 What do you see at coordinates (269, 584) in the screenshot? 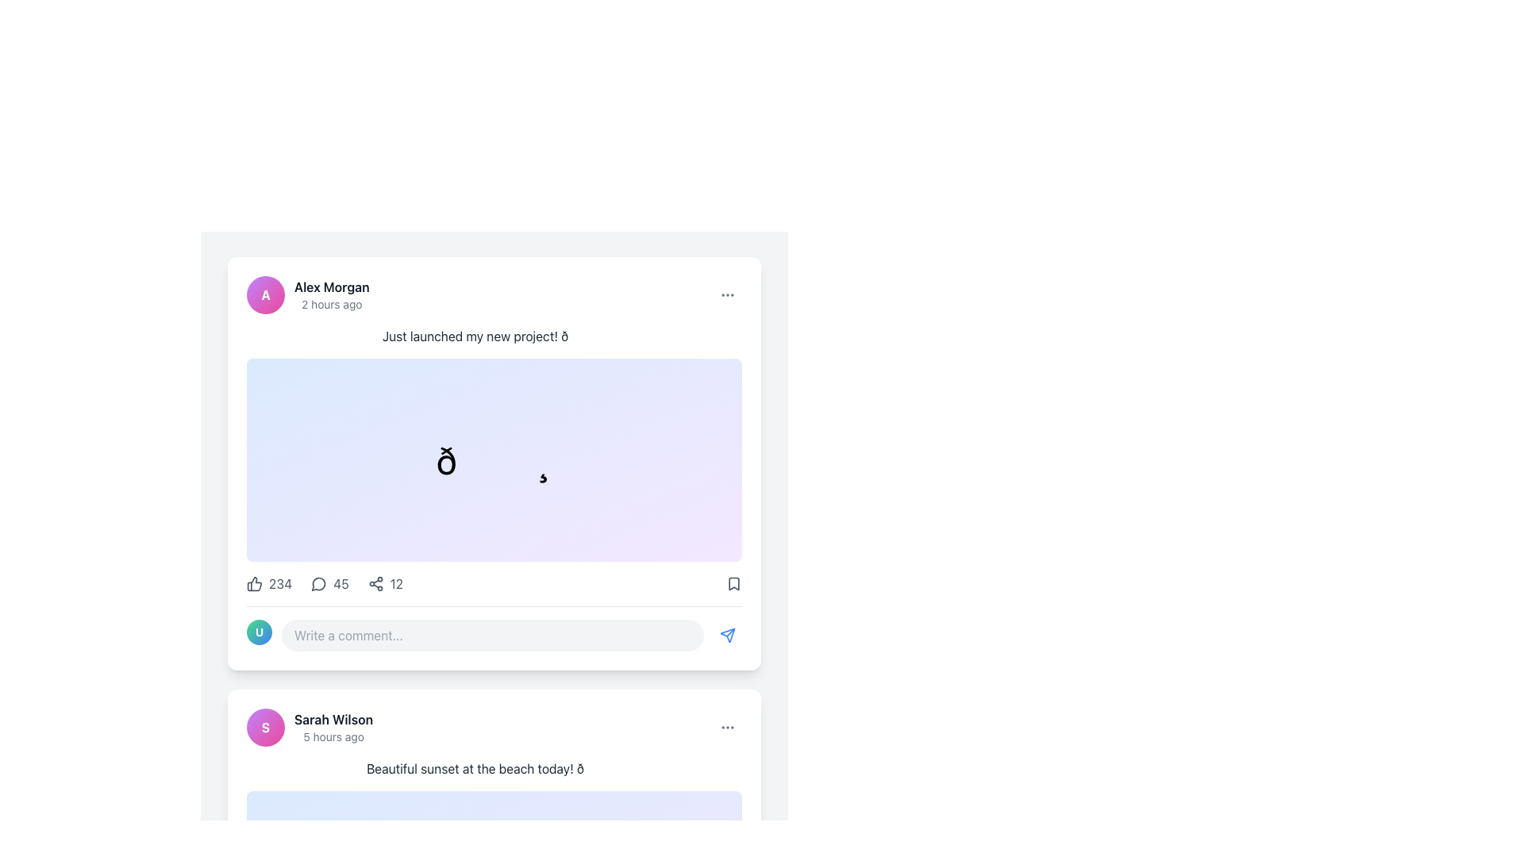
I see `the thumbs-up button with the number 234 to like the post below Alex Morgan's post` at bounding box center [269, 584].